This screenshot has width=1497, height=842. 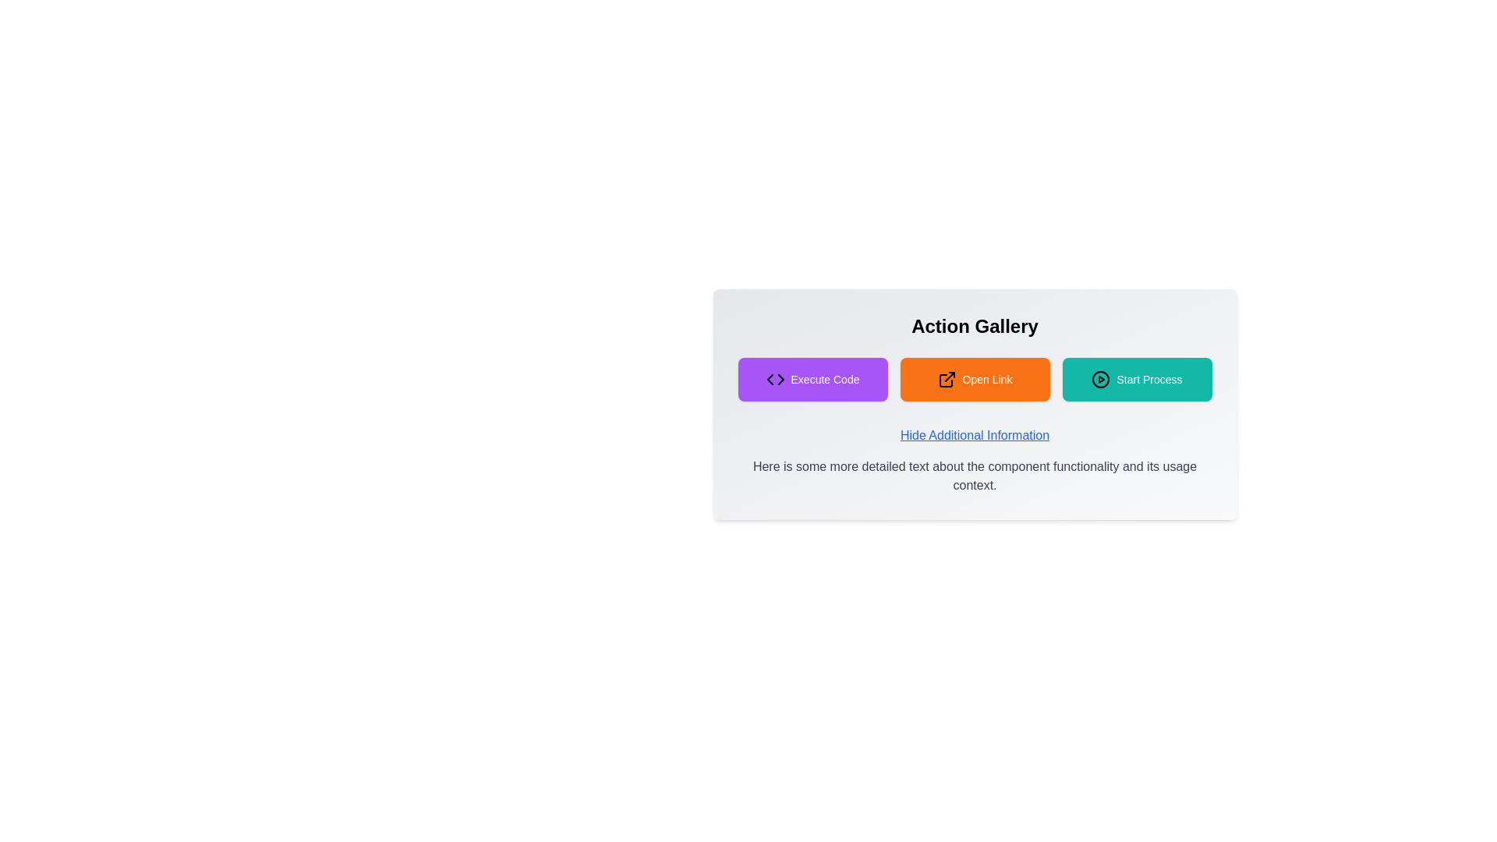 What do you see at coordinates (823, 379) in the screenshot?
I see `the 'Execute Code' button` at bounding box center [823, 379].